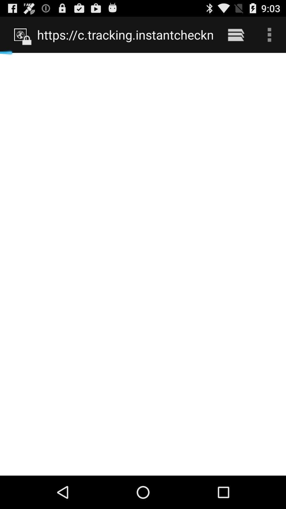 The image size is (286, 509). What do you see at coordinates (236, 34) in the screenshot?
I see `the item to the right of https www phone item` at bounding box center [236, 34].